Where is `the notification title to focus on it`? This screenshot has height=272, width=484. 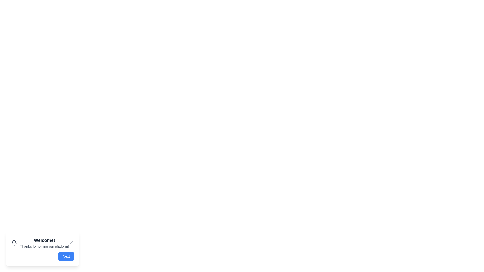
the notification title to focus on it is located at coordinates (44, 240).